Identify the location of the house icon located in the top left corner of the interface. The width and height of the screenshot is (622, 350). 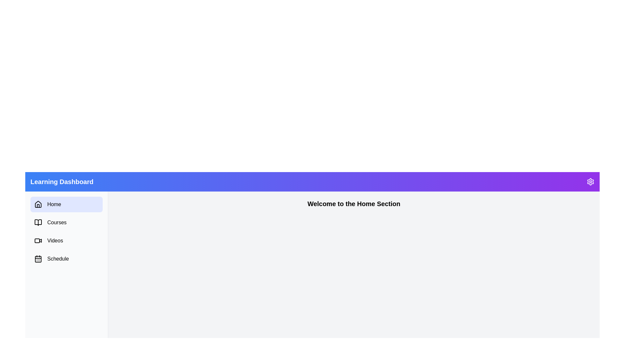
(38, 204).